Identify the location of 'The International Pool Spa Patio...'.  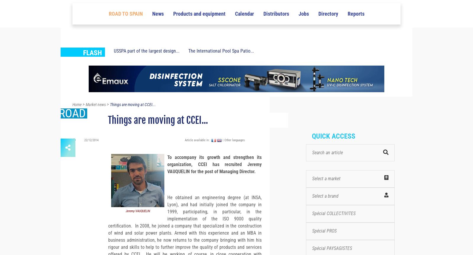
(221, 61).